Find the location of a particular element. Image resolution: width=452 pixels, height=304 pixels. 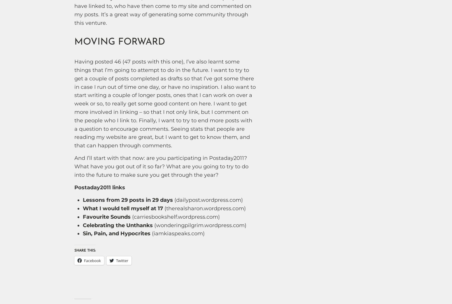

'Celebrating the Unthanks' is located at coordinates (118, 225).